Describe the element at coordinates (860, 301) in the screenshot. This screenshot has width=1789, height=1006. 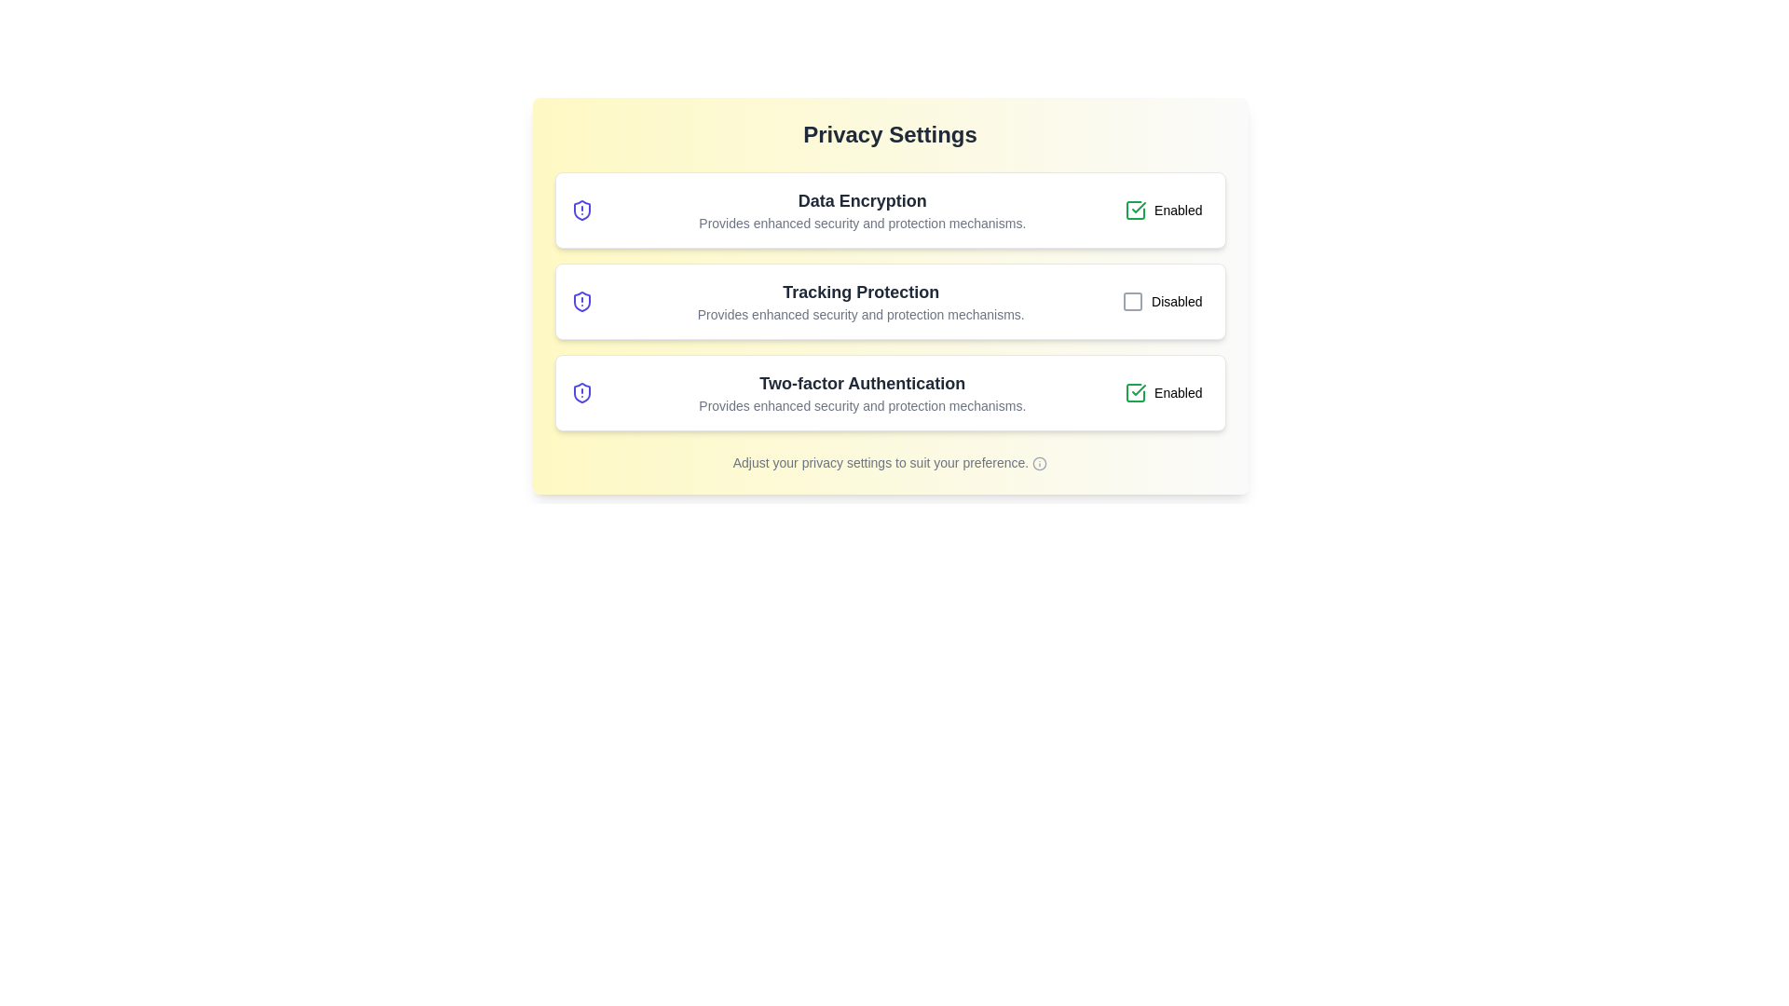
I see `informational text block stating 'Tracking Protection' and its description 'Provides enhanced security and protection mechanisms.'` at that location.